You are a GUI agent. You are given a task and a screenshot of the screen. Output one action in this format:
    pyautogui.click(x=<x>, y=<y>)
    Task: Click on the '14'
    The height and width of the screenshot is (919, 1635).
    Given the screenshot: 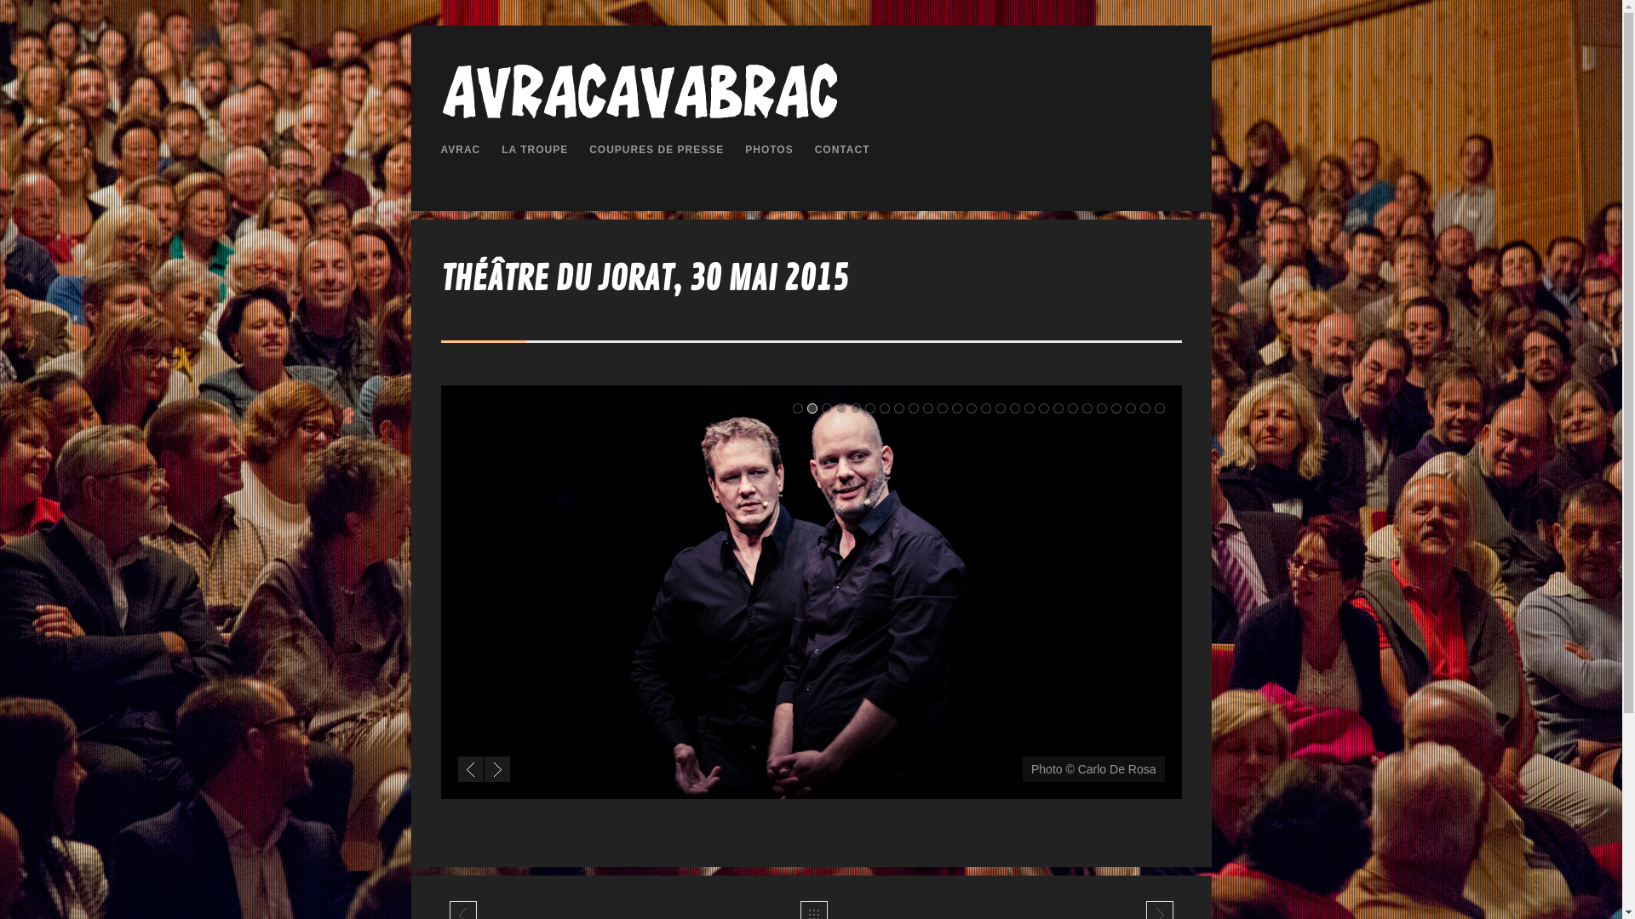 What is the action you would take?
    pyautogui.click(x=985, y=408)
    